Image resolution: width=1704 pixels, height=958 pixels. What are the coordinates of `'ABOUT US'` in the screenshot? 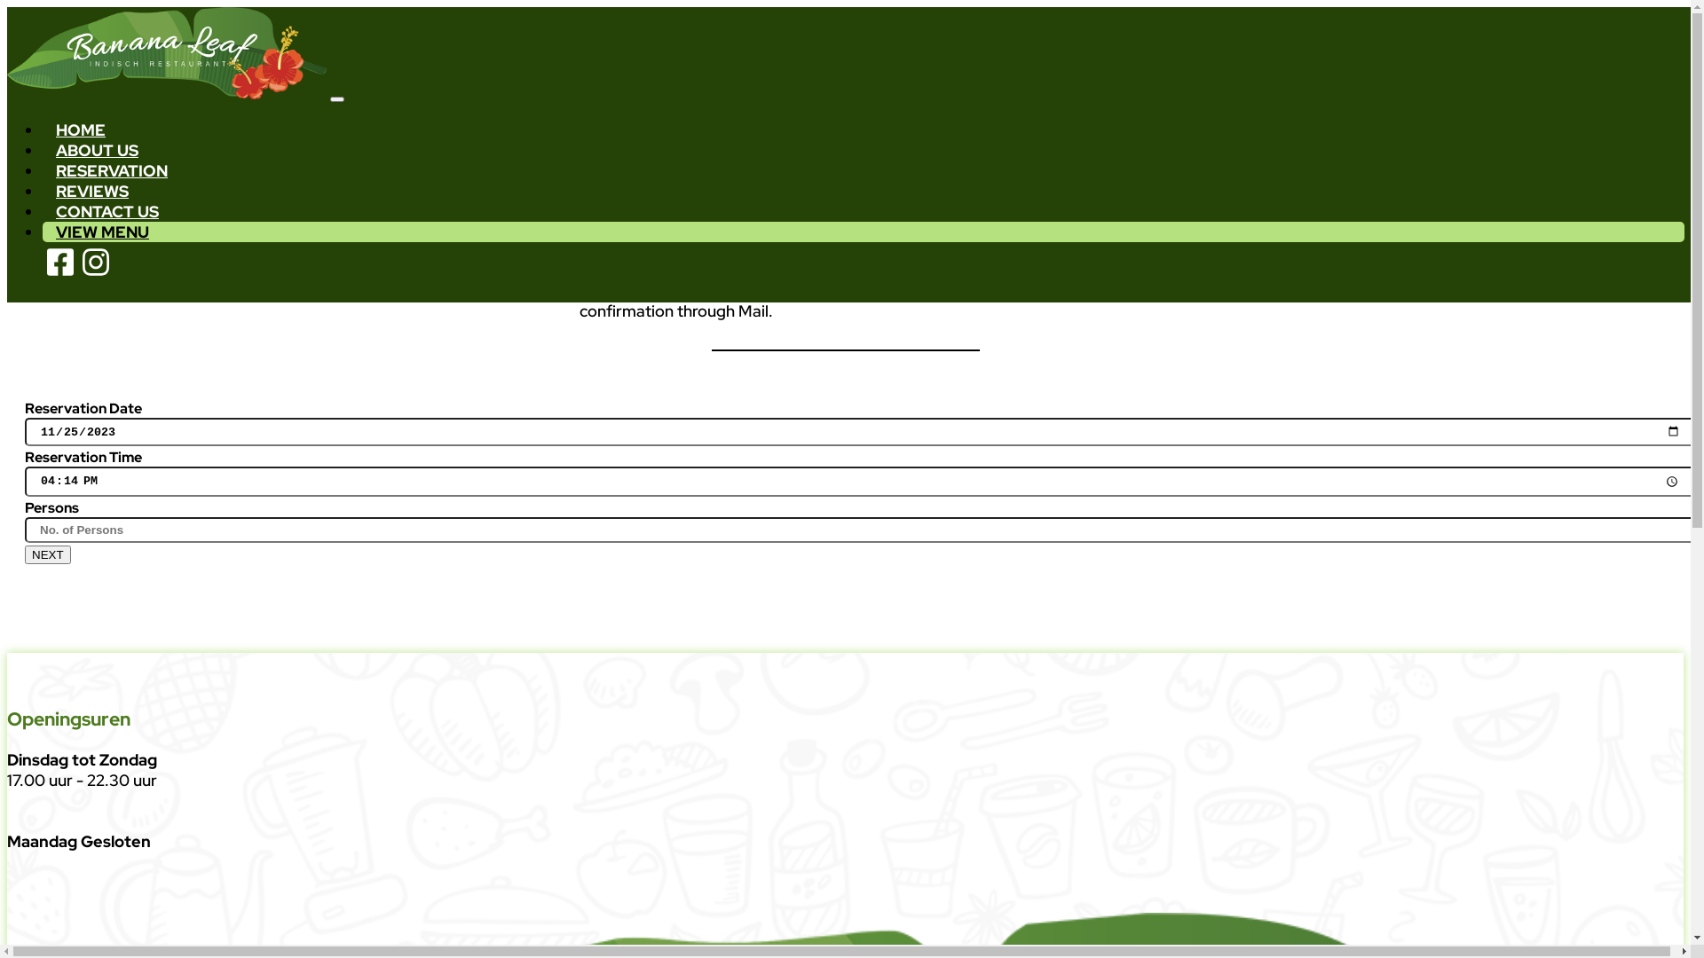 It's located at (96, 149).